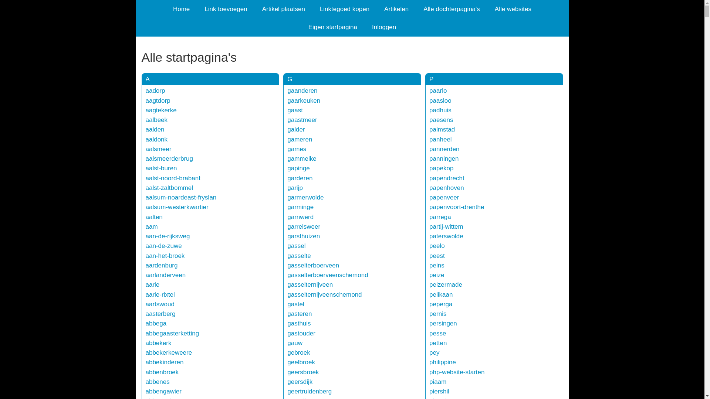 This screenshot has height=399, width=710. What do you see at coordinates (446, 178) in the screenshot?
I see `'papendrecht'` at bounding box center [446, 178].